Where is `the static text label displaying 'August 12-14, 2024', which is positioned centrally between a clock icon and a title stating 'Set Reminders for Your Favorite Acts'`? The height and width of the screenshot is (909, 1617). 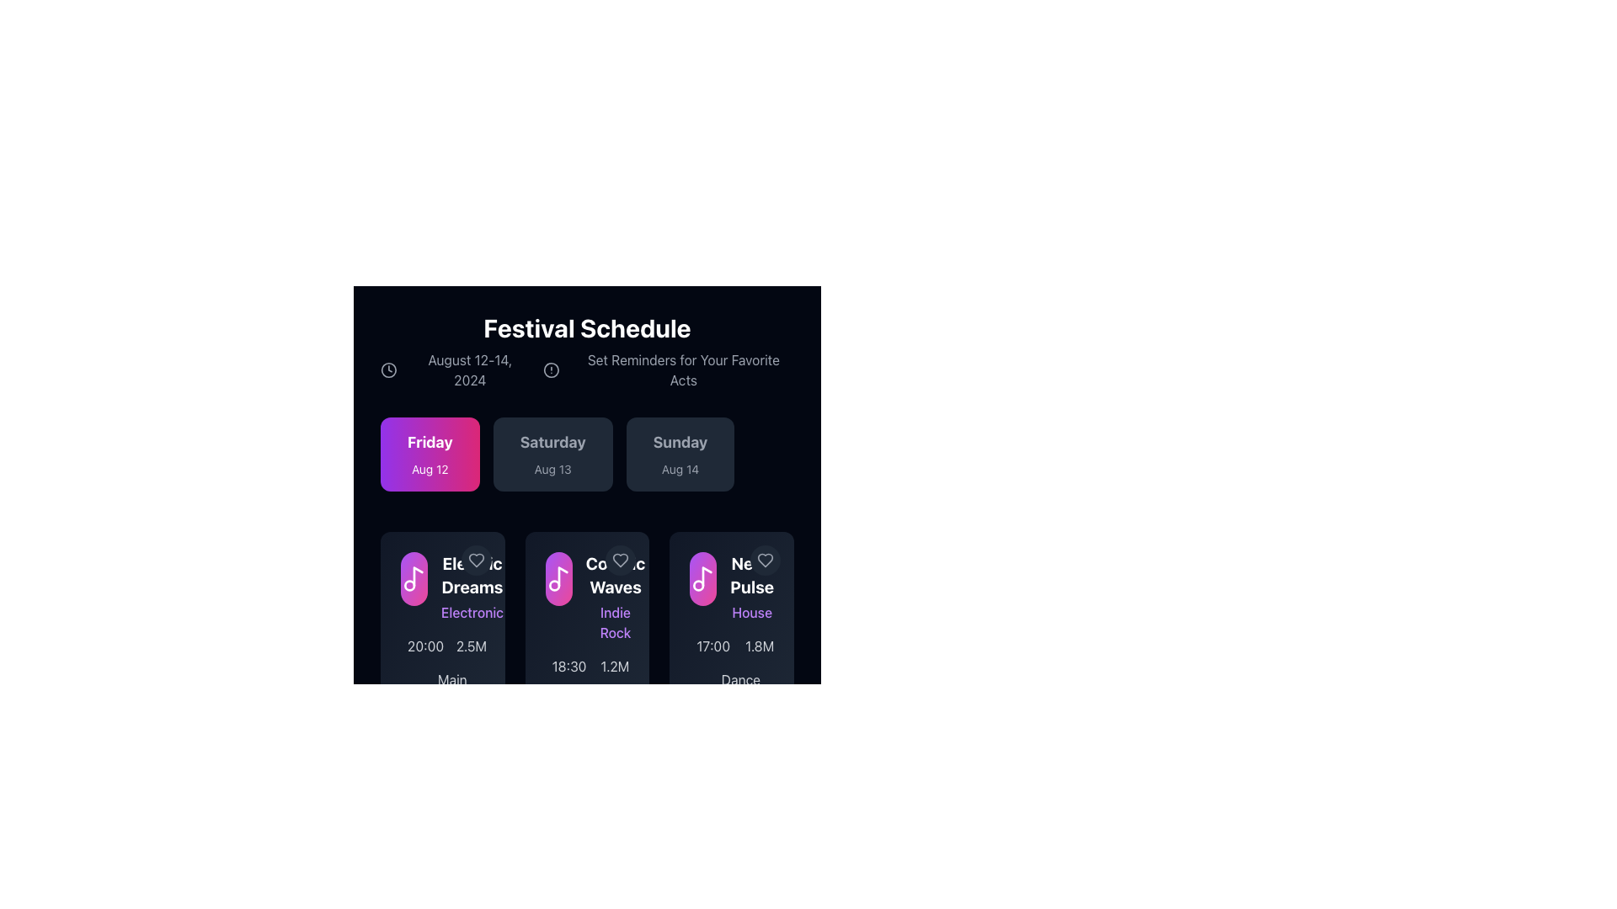 the static text label displaying 'August 12-14, 2024', which is positioned centrally between a clock icon and a title stating 'Set Reminders for Your Favorite Acts' is located at coordinates (470, 369).